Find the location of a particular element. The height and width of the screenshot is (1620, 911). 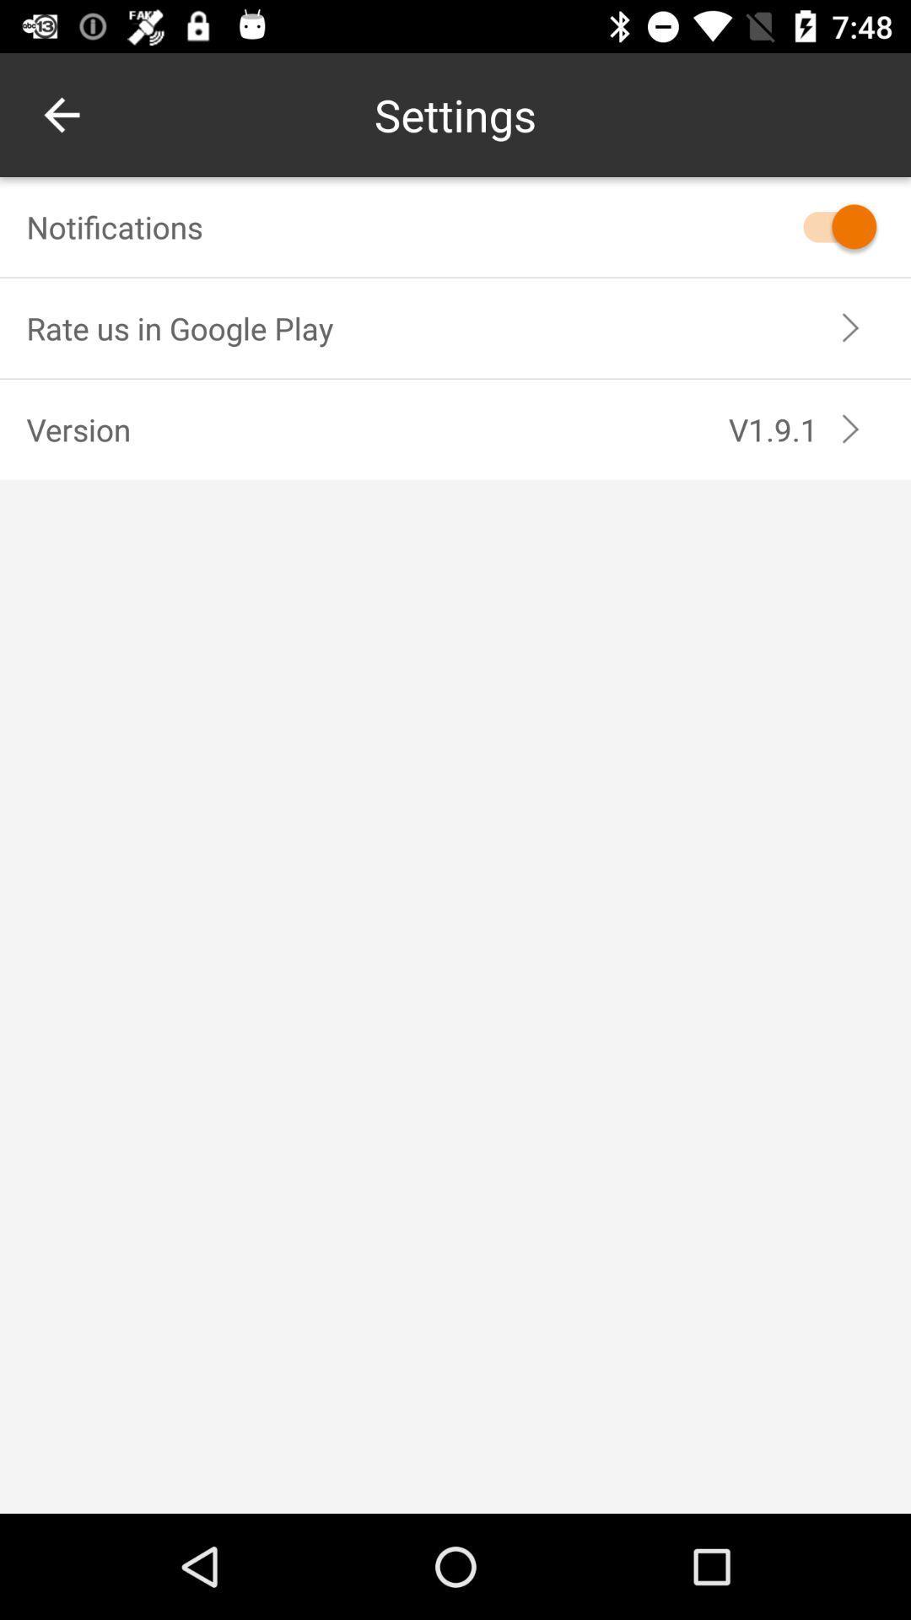

notifications is located at coordinates (831, 225).